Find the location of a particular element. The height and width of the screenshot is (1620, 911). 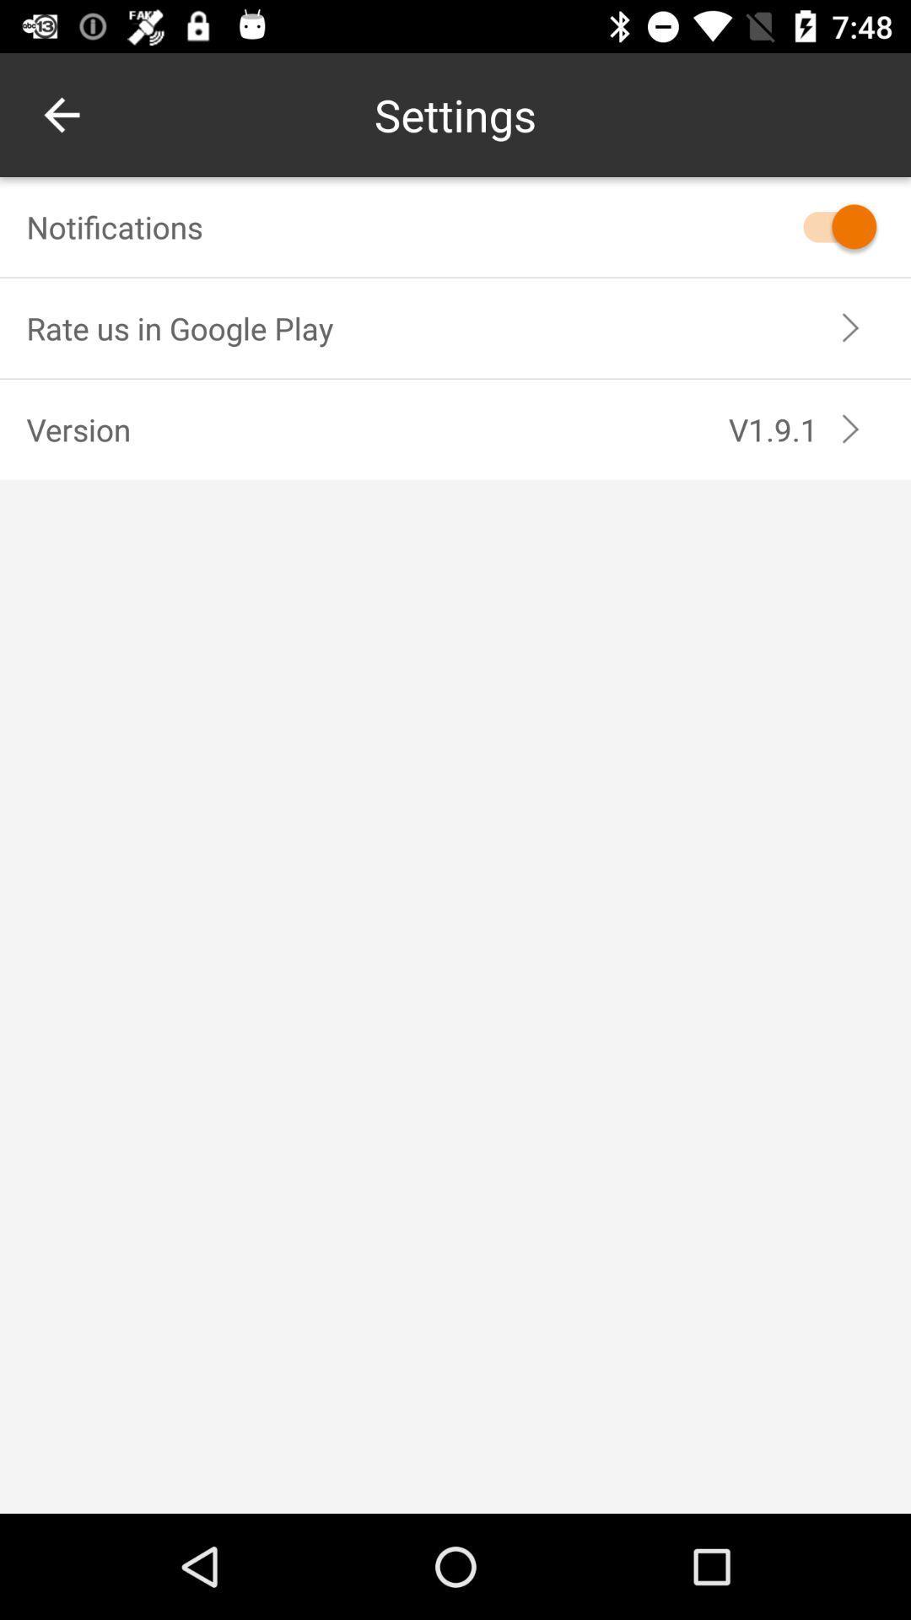

notifications is located at coordinates (831, 225).